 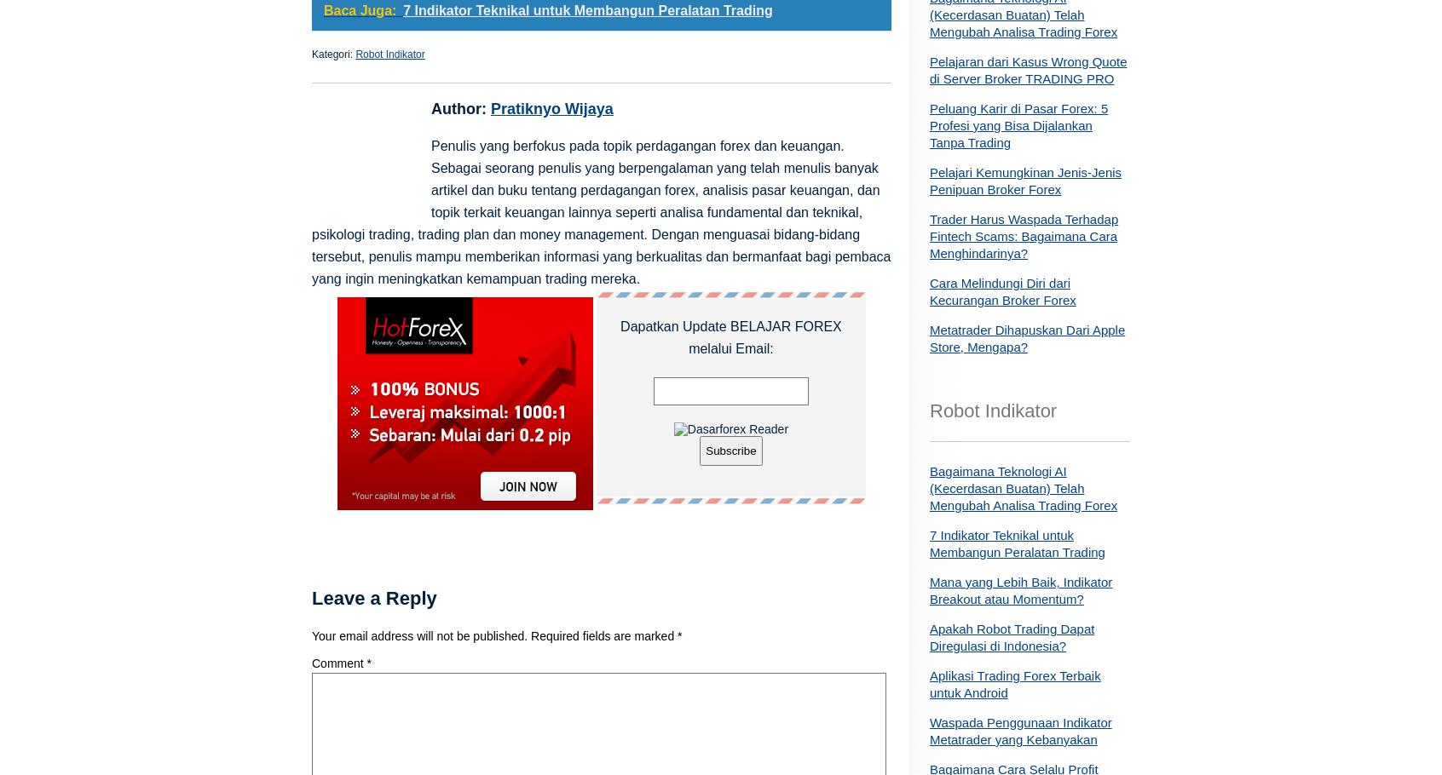 What do you see at coordinates (333, 53) in the screenshot?
I see `'Kategori:'` at bounding box center [333, 53].